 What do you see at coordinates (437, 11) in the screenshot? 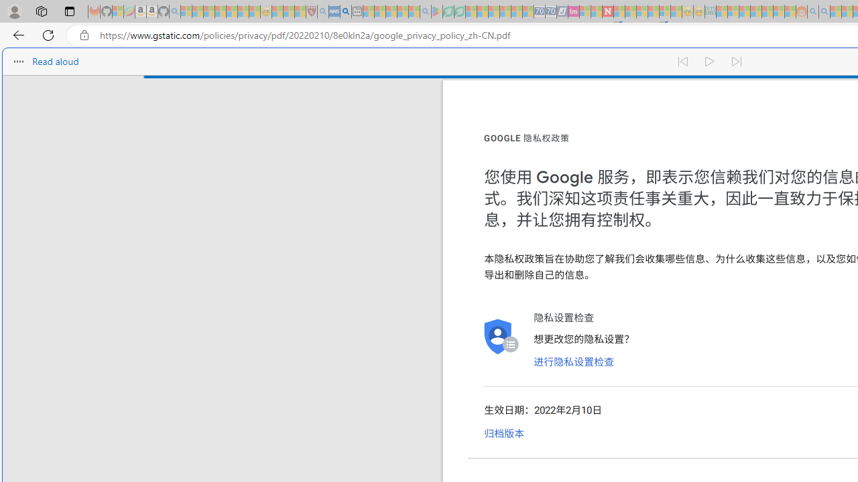
I see `'Bluey: Let'` at bounding box center [437, 11].